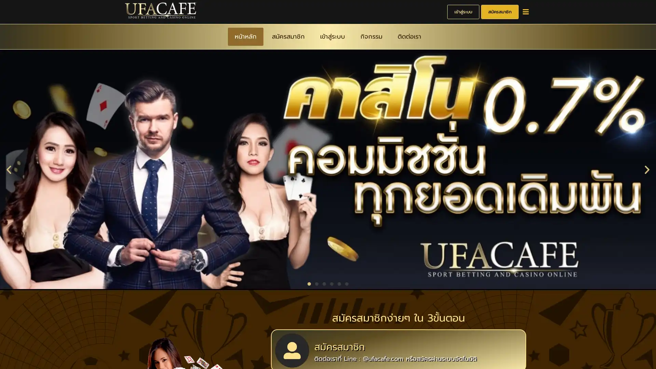 The width and height of the screenshot is (656, 369). What do you see at coordinates (339, 283) in the screenshot?
I see `Go to slide 5` at bounding box center [339, 283].